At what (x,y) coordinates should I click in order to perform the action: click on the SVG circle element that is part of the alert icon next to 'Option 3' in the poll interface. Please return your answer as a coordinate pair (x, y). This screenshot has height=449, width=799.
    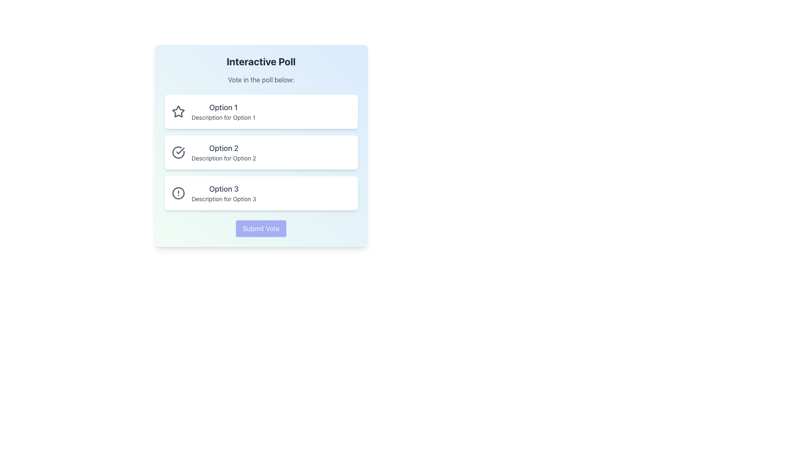
    Looking at the image, I should click on (178, 193).